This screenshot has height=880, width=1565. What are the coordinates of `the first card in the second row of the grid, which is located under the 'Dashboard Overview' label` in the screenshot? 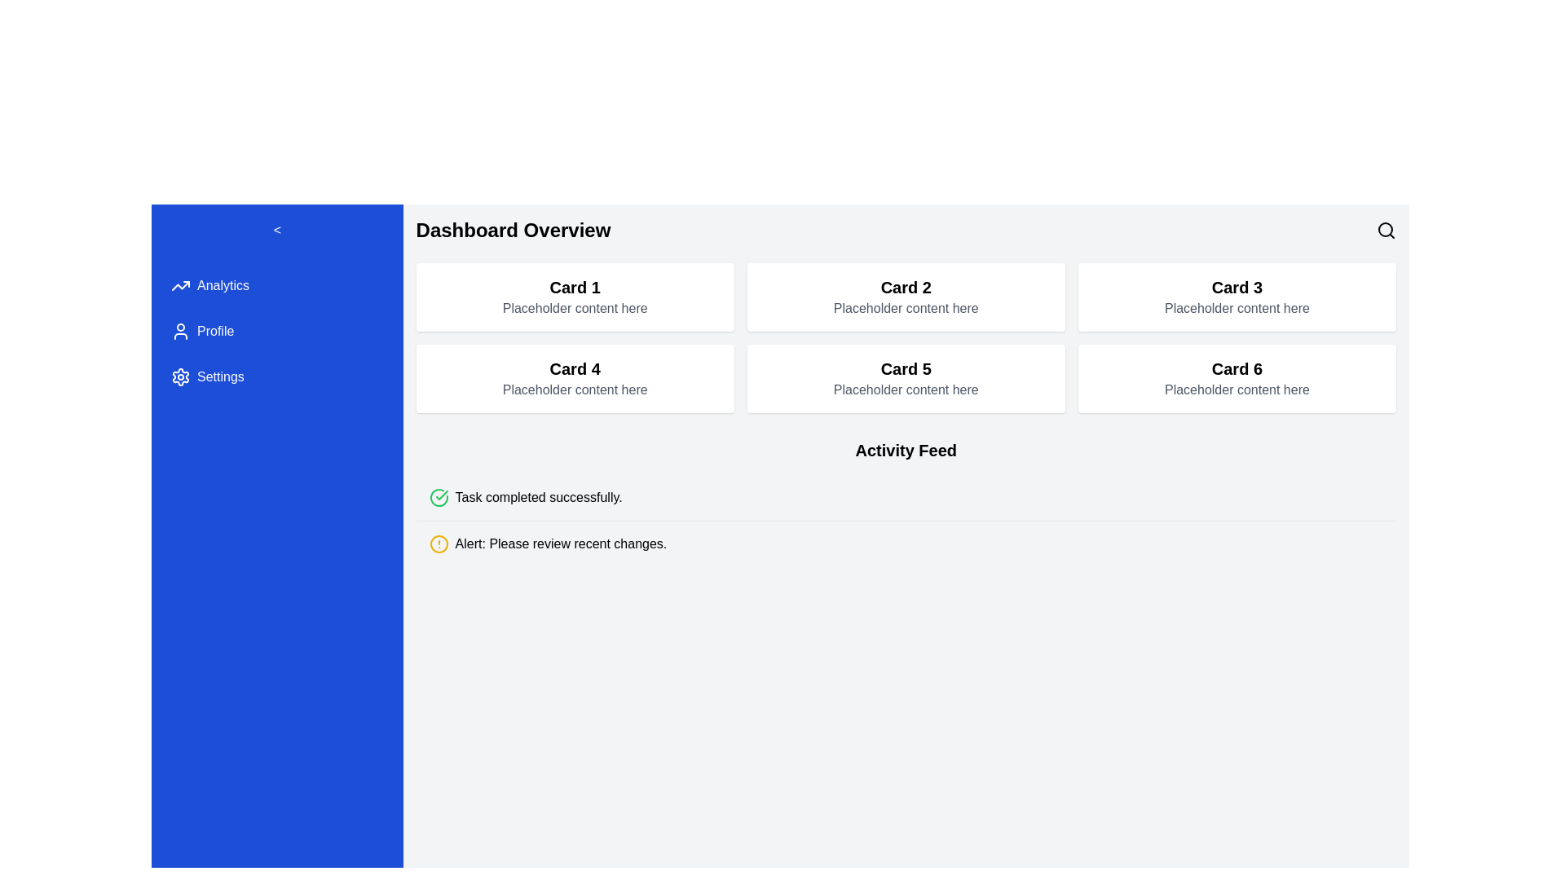 It's located at (575, 379).